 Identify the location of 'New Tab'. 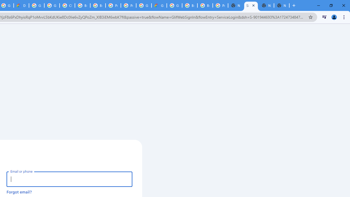
(282, 5).